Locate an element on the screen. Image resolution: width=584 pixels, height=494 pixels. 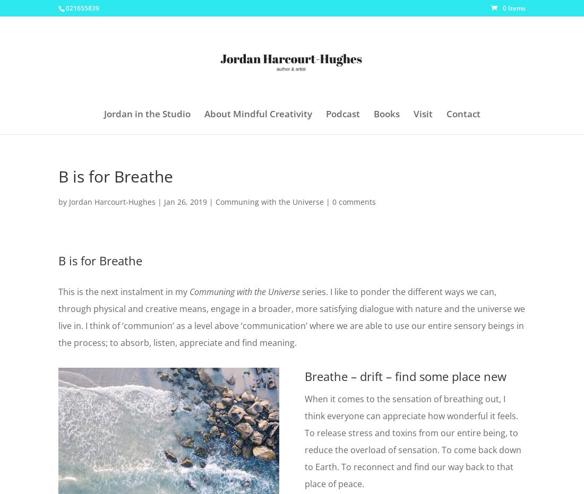
'Contact' is located at coordinates (462, 114).